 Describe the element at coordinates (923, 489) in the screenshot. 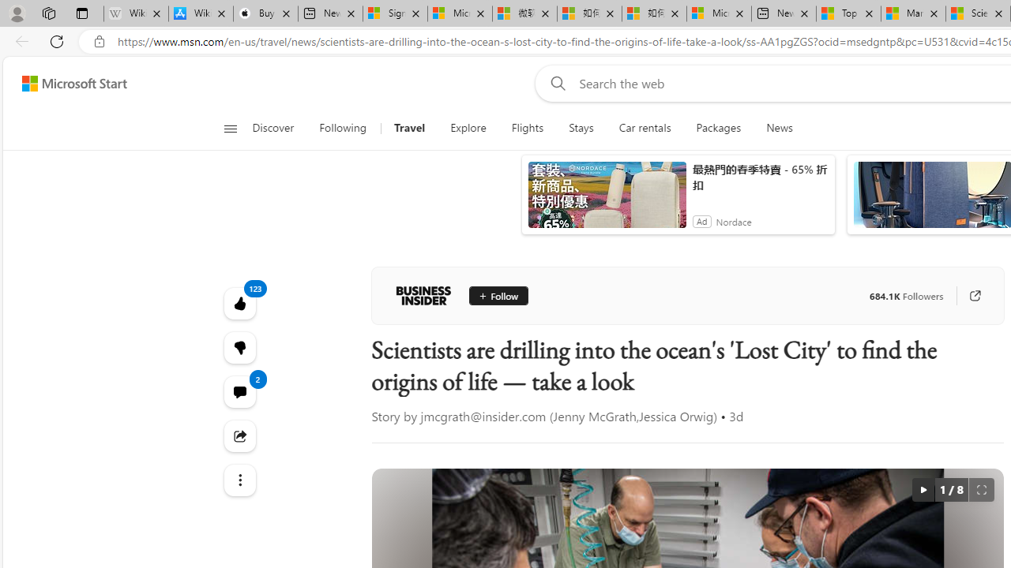

I see `'autorotate button'` at that location.